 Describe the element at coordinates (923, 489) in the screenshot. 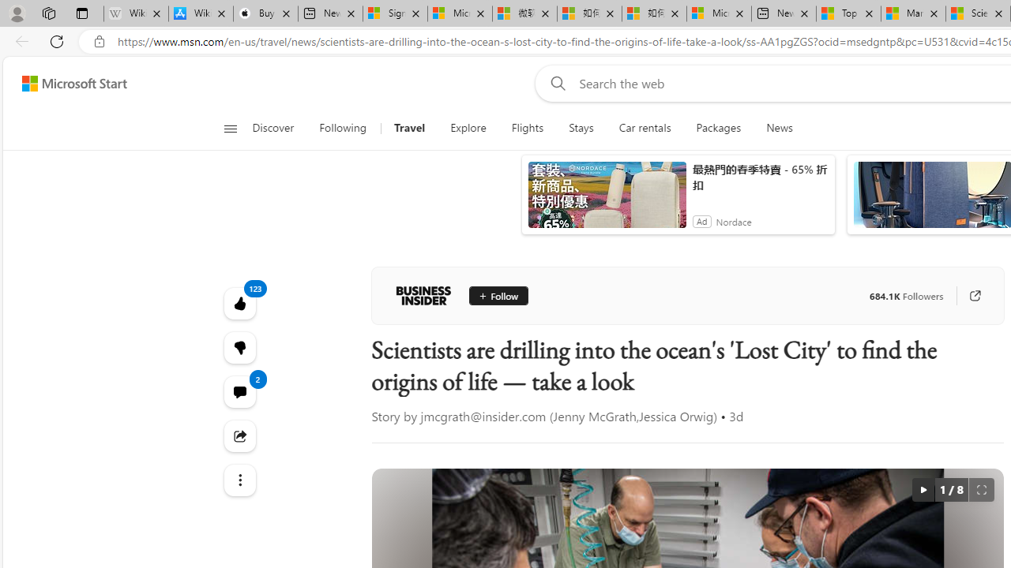

I see `'autorotate button'` at that location.